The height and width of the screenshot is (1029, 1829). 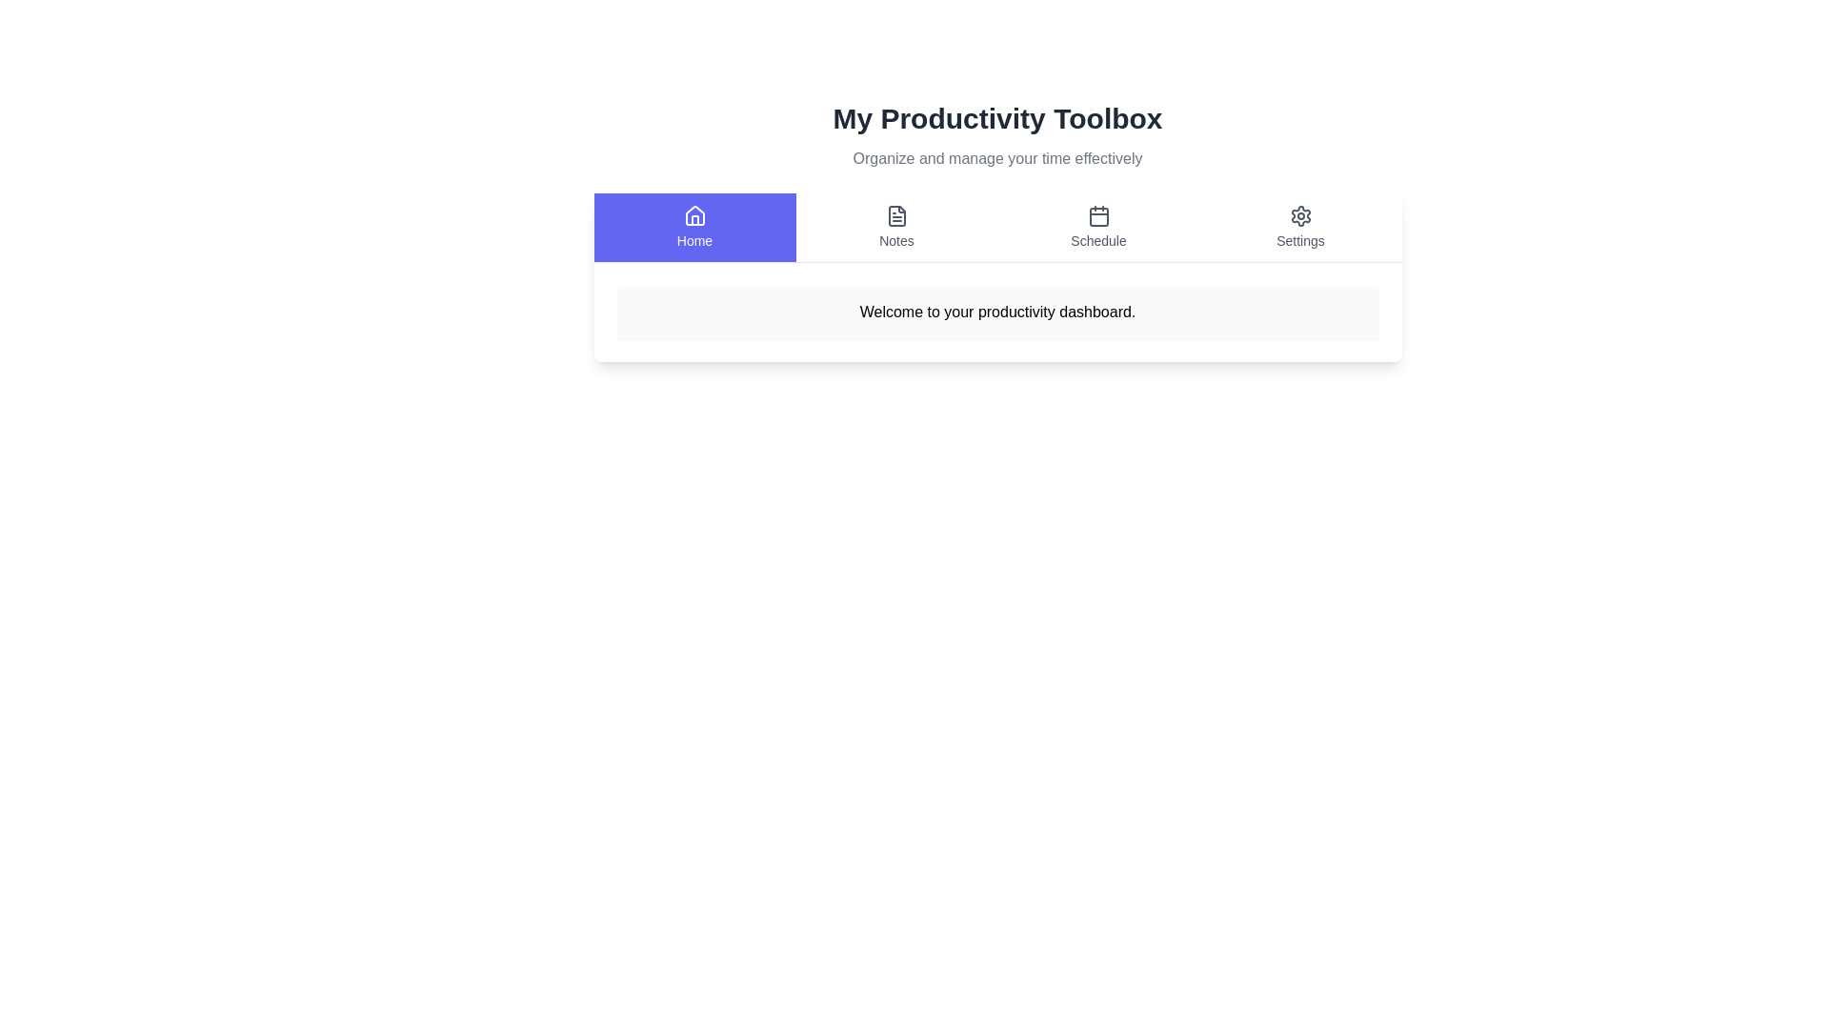 I want to click on the 'Home' icon in the top navigation bar, which is centered within the first tab and serves as a visual cue to navigate to the homepage, so click(x=693, y=214).